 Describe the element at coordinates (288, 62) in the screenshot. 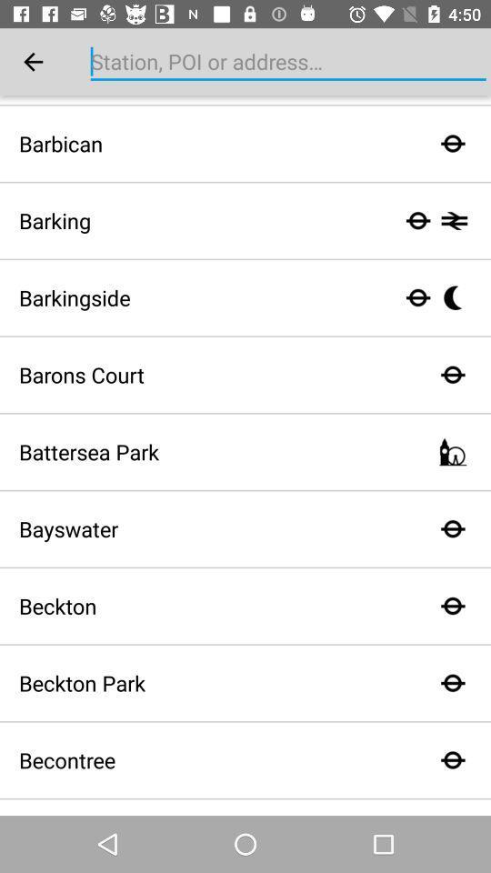

I see `address destination in box` at that location.